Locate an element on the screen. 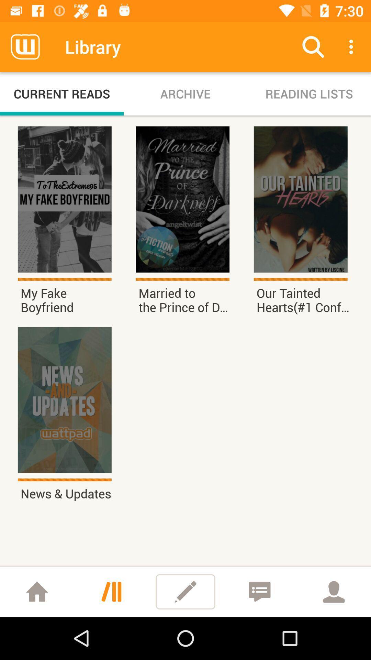 Image resolution: width=371 pixels, height=660 pixels. icon to the left of the library icon is located at coordinates (25, 46).